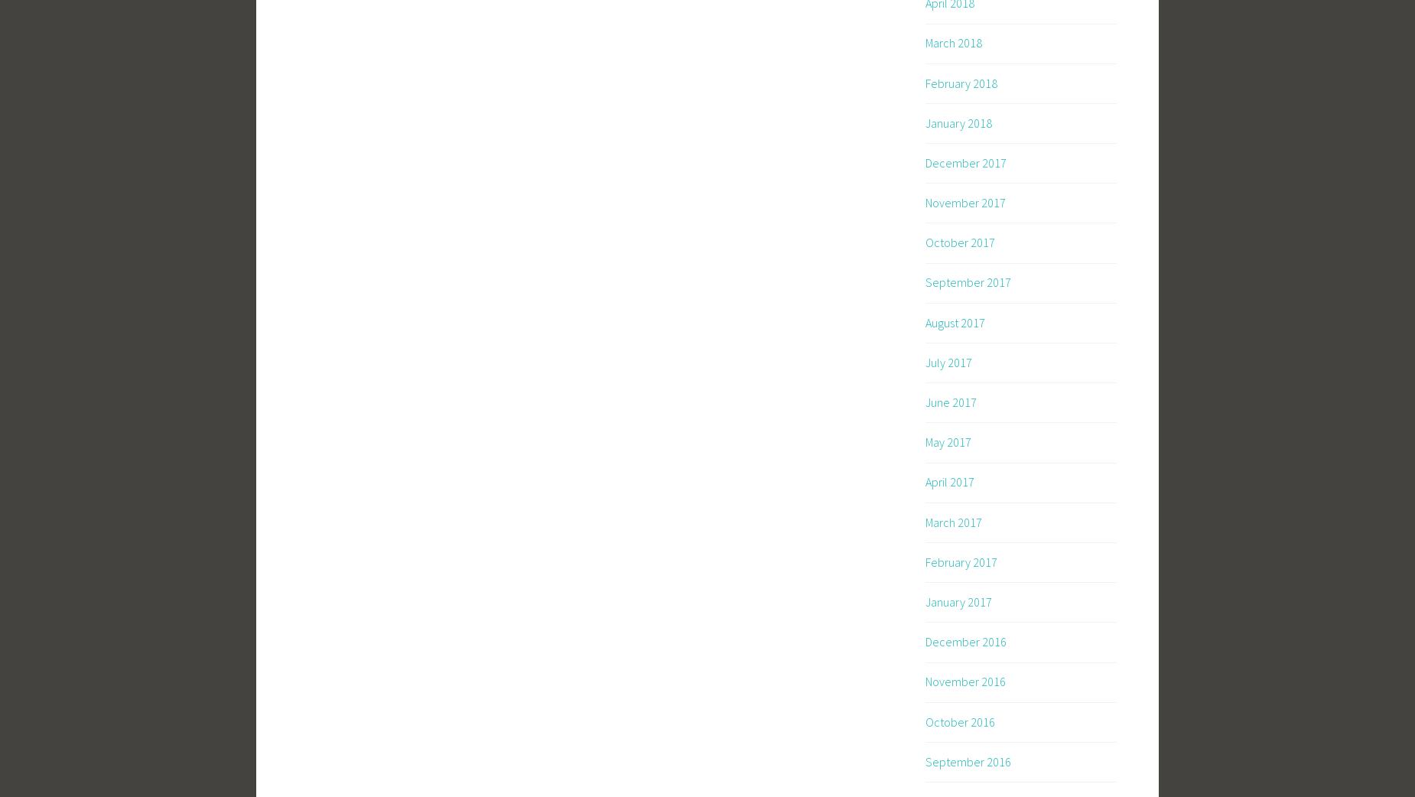  Describe the element at coordinates (954, 320) in the screenshot. I see `'August 2017'` at that location.